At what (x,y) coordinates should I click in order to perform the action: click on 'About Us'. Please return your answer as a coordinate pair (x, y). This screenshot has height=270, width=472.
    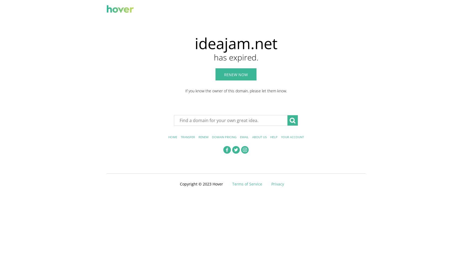
    Looking at the image, I should click on (259, 137).